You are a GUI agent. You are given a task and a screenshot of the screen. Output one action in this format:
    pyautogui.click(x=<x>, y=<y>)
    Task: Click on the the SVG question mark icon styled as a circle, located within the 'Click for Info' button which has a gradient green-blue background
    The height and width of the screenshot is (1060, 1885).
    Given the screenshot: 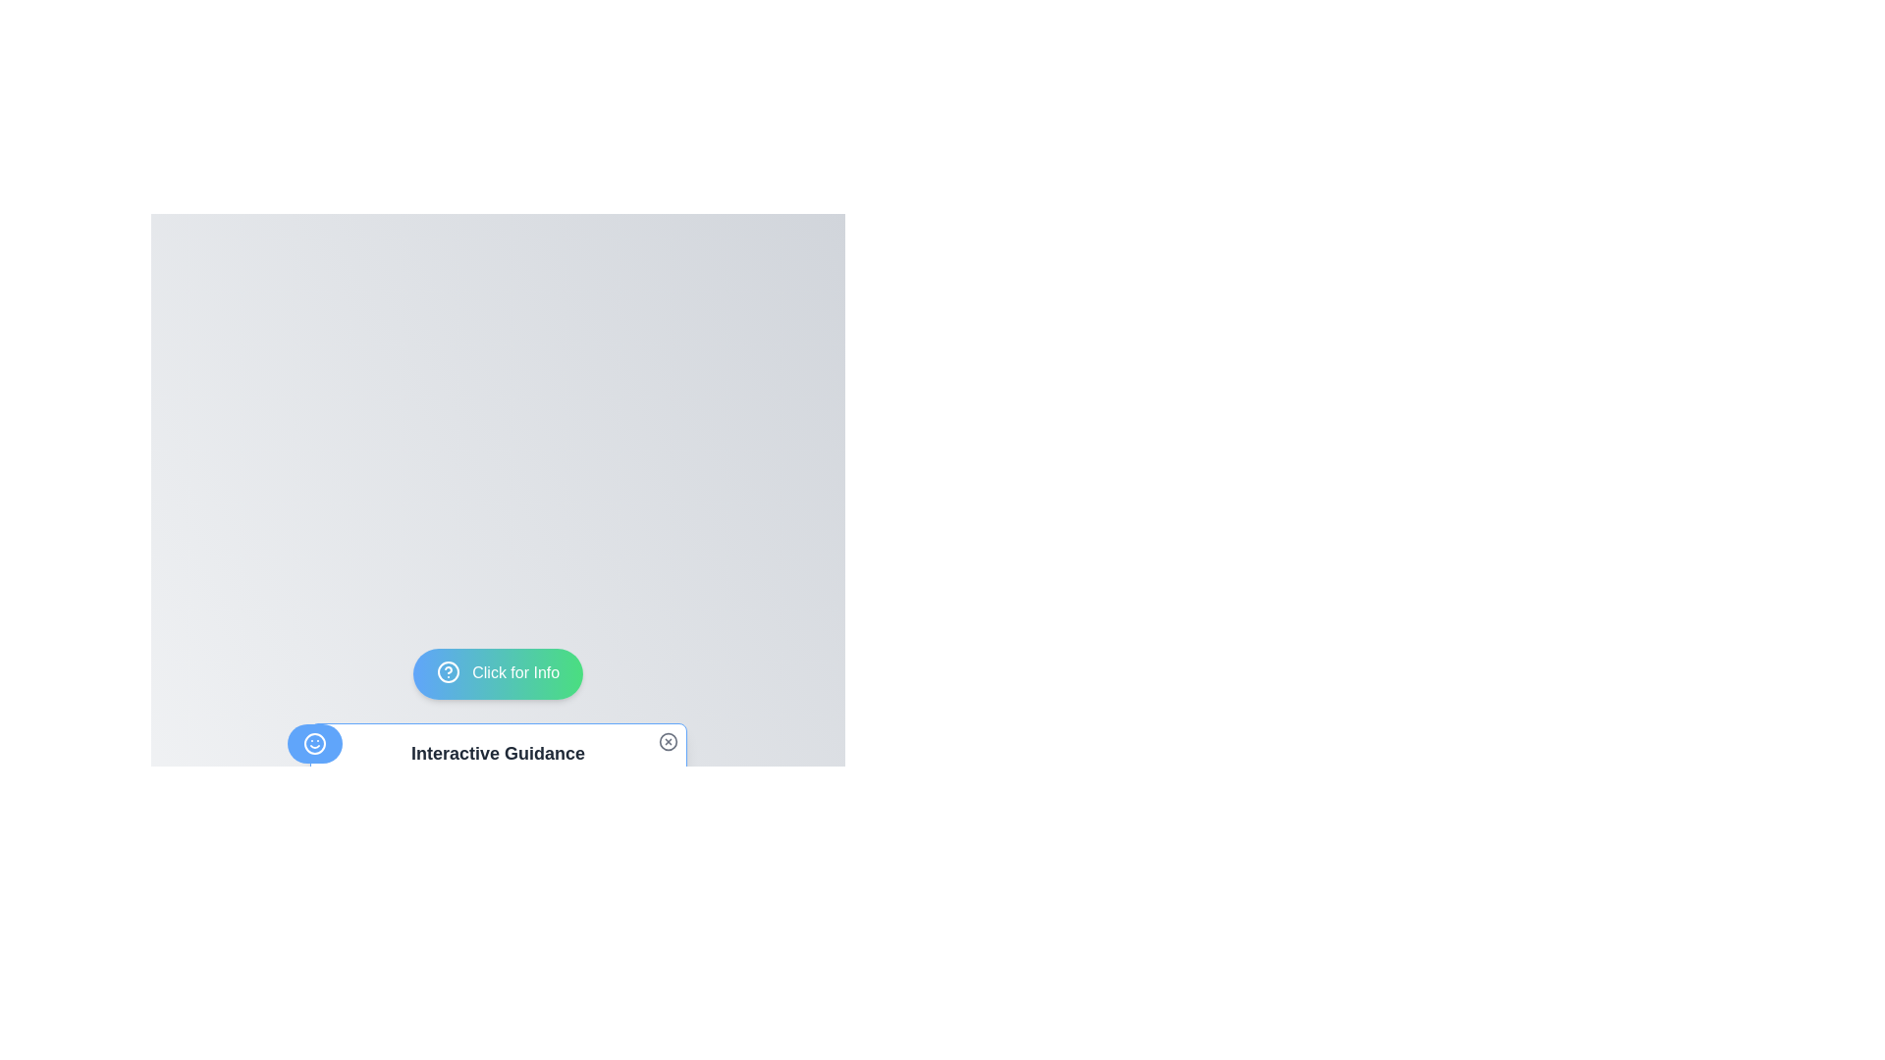 What is the action you would take?
    pyautogui.click(x=447, y=671)
    